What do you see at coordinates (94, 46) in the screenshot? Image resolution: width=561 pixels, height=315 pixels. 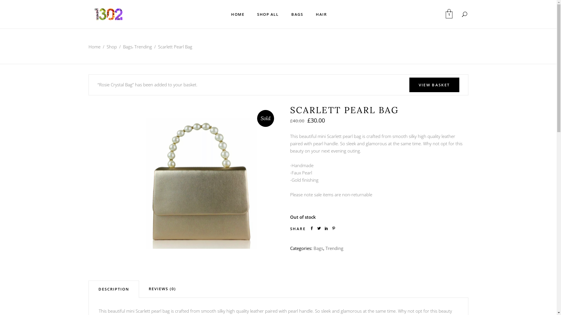 I see `'Home'` at bounding box center [94, 46].